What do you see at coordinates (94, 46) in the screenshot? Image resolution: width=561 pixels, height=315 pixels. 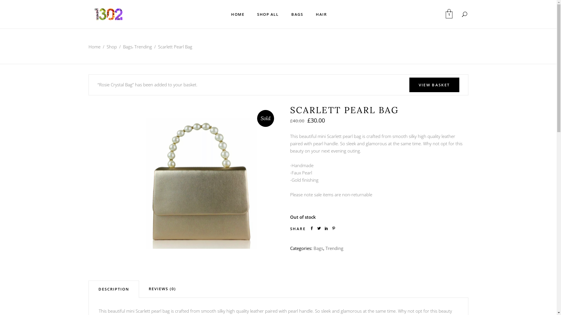 I see `'Home'` at bounding box center [94, 46].